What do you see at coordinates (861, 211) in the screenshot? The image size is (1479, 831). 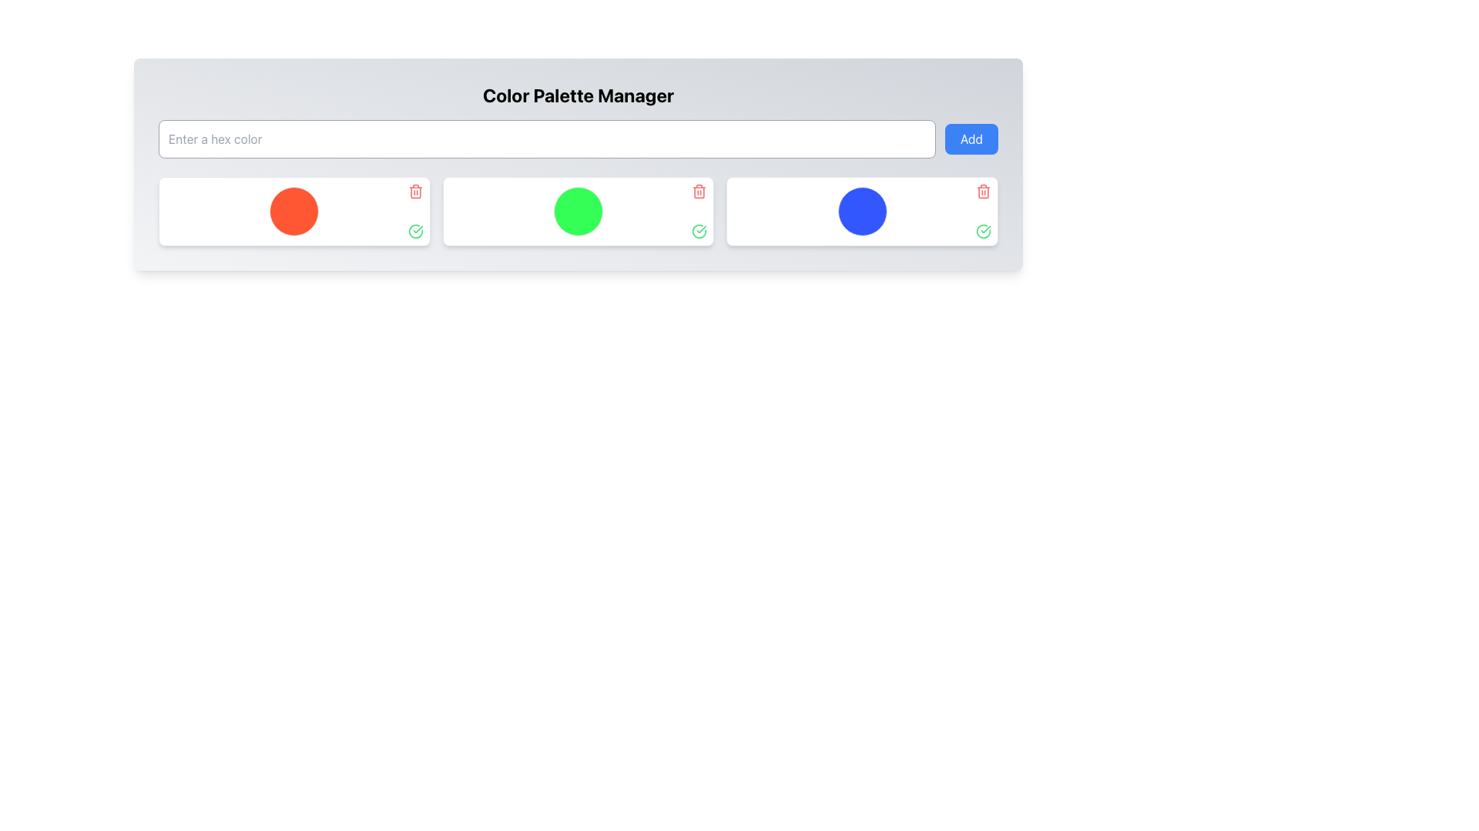 I see `the color representation circle displaying blue, which is located in the third group of color representations` at bounding box center [861, 211].